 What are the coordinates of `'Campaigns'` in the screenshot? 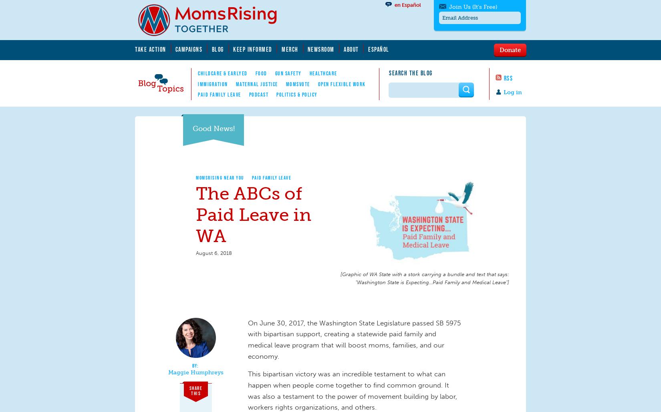 It's located at (174, 48).